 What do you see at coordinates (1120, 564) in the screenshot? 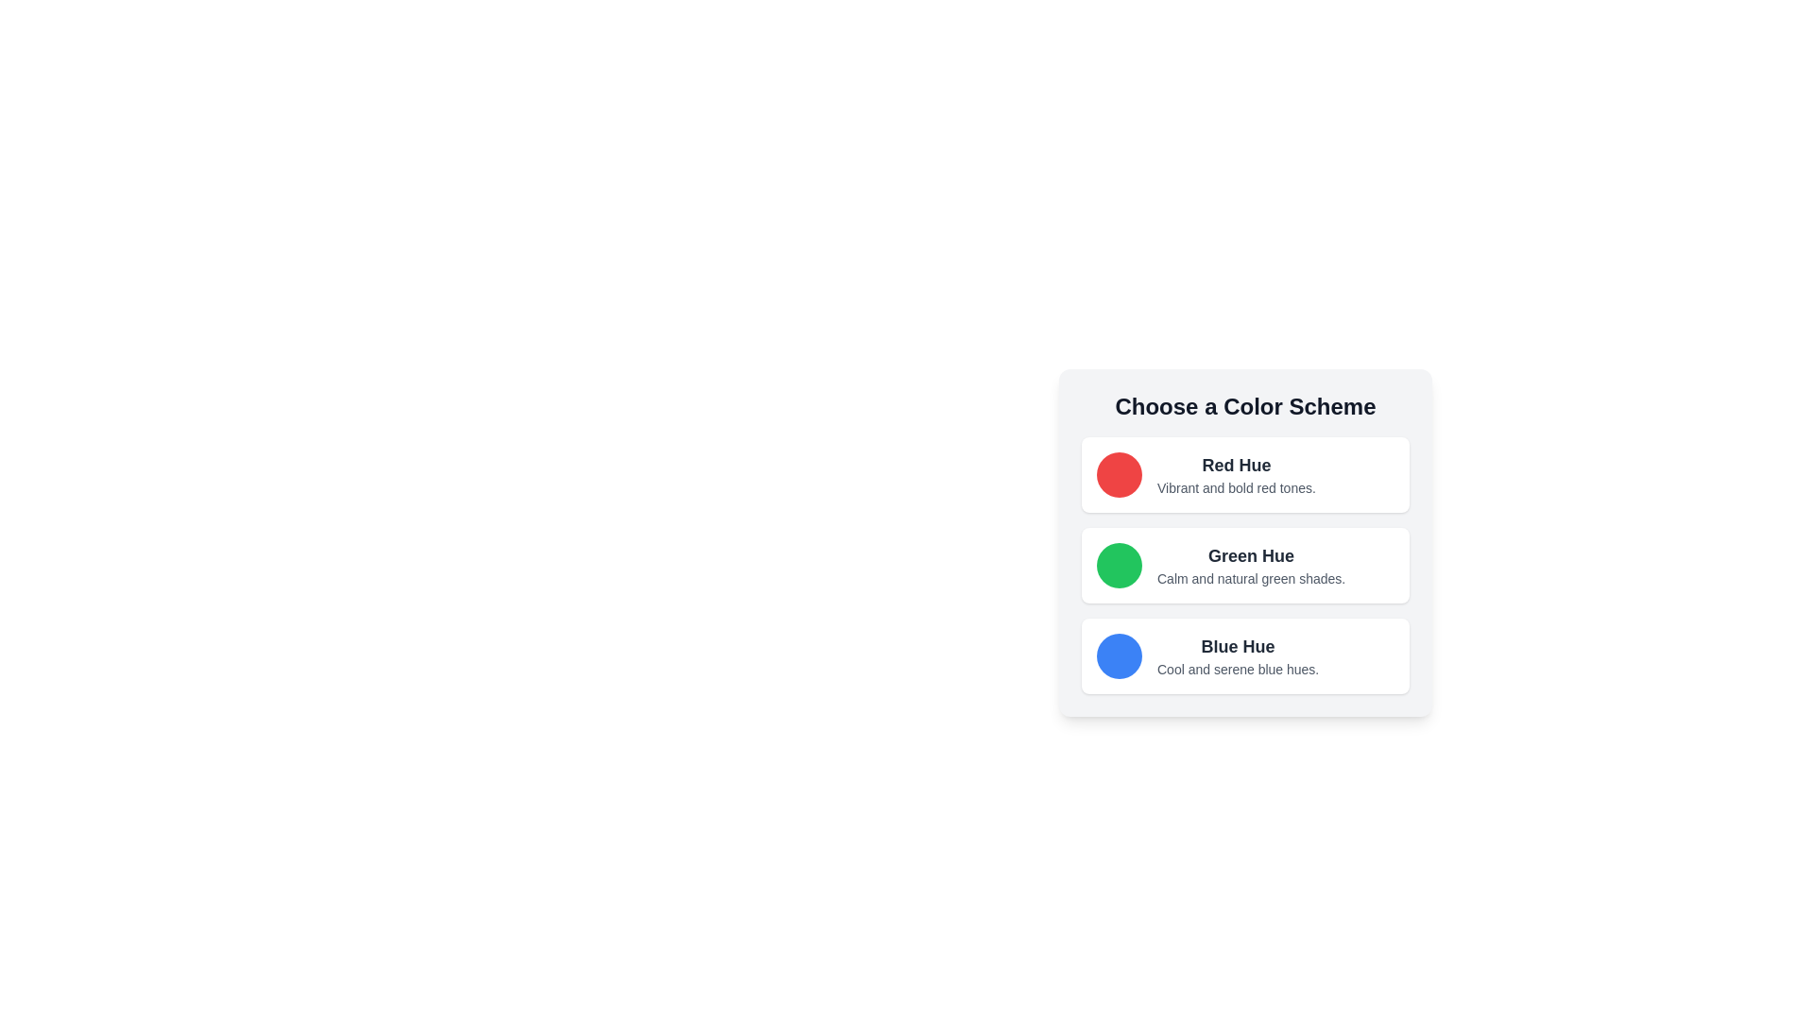
I see `the circular green color indicator located at the beginning of the 'Green Hue' option row` at bounding box center [1120, 564].